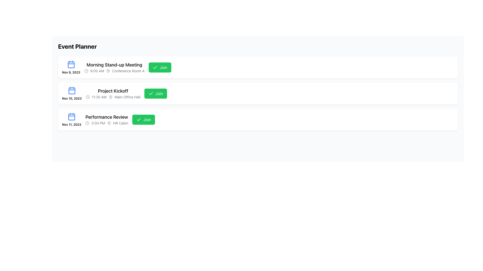 Image resolution: width=483 pixels, height=271 pixels. Describe the element at coordinates (114, 67) in the screenshot. I see `the first event` at that location.